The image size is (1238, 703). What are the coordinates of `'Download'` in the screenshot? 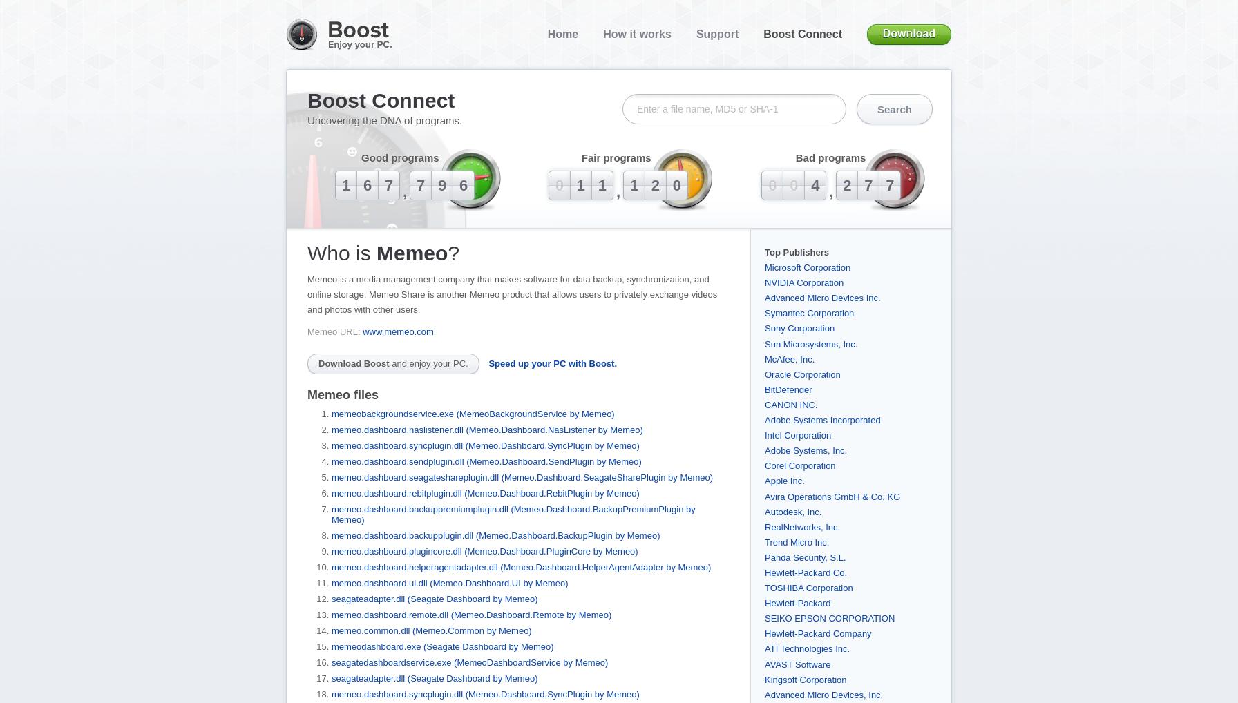 It's located at (908, 32).